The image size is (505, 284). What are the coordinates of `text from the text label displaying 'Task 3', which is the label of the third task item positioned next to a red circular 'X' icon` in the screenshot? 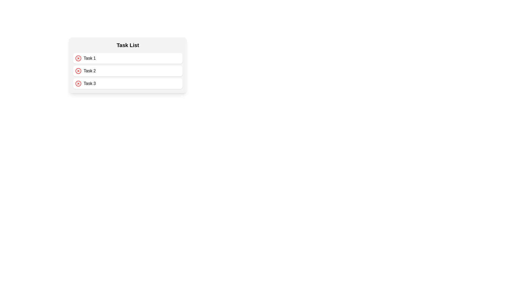 It's located at (85, 83).